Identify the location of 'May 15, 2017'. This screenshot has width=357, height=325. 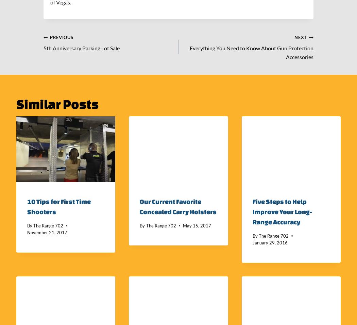
(196, 225).